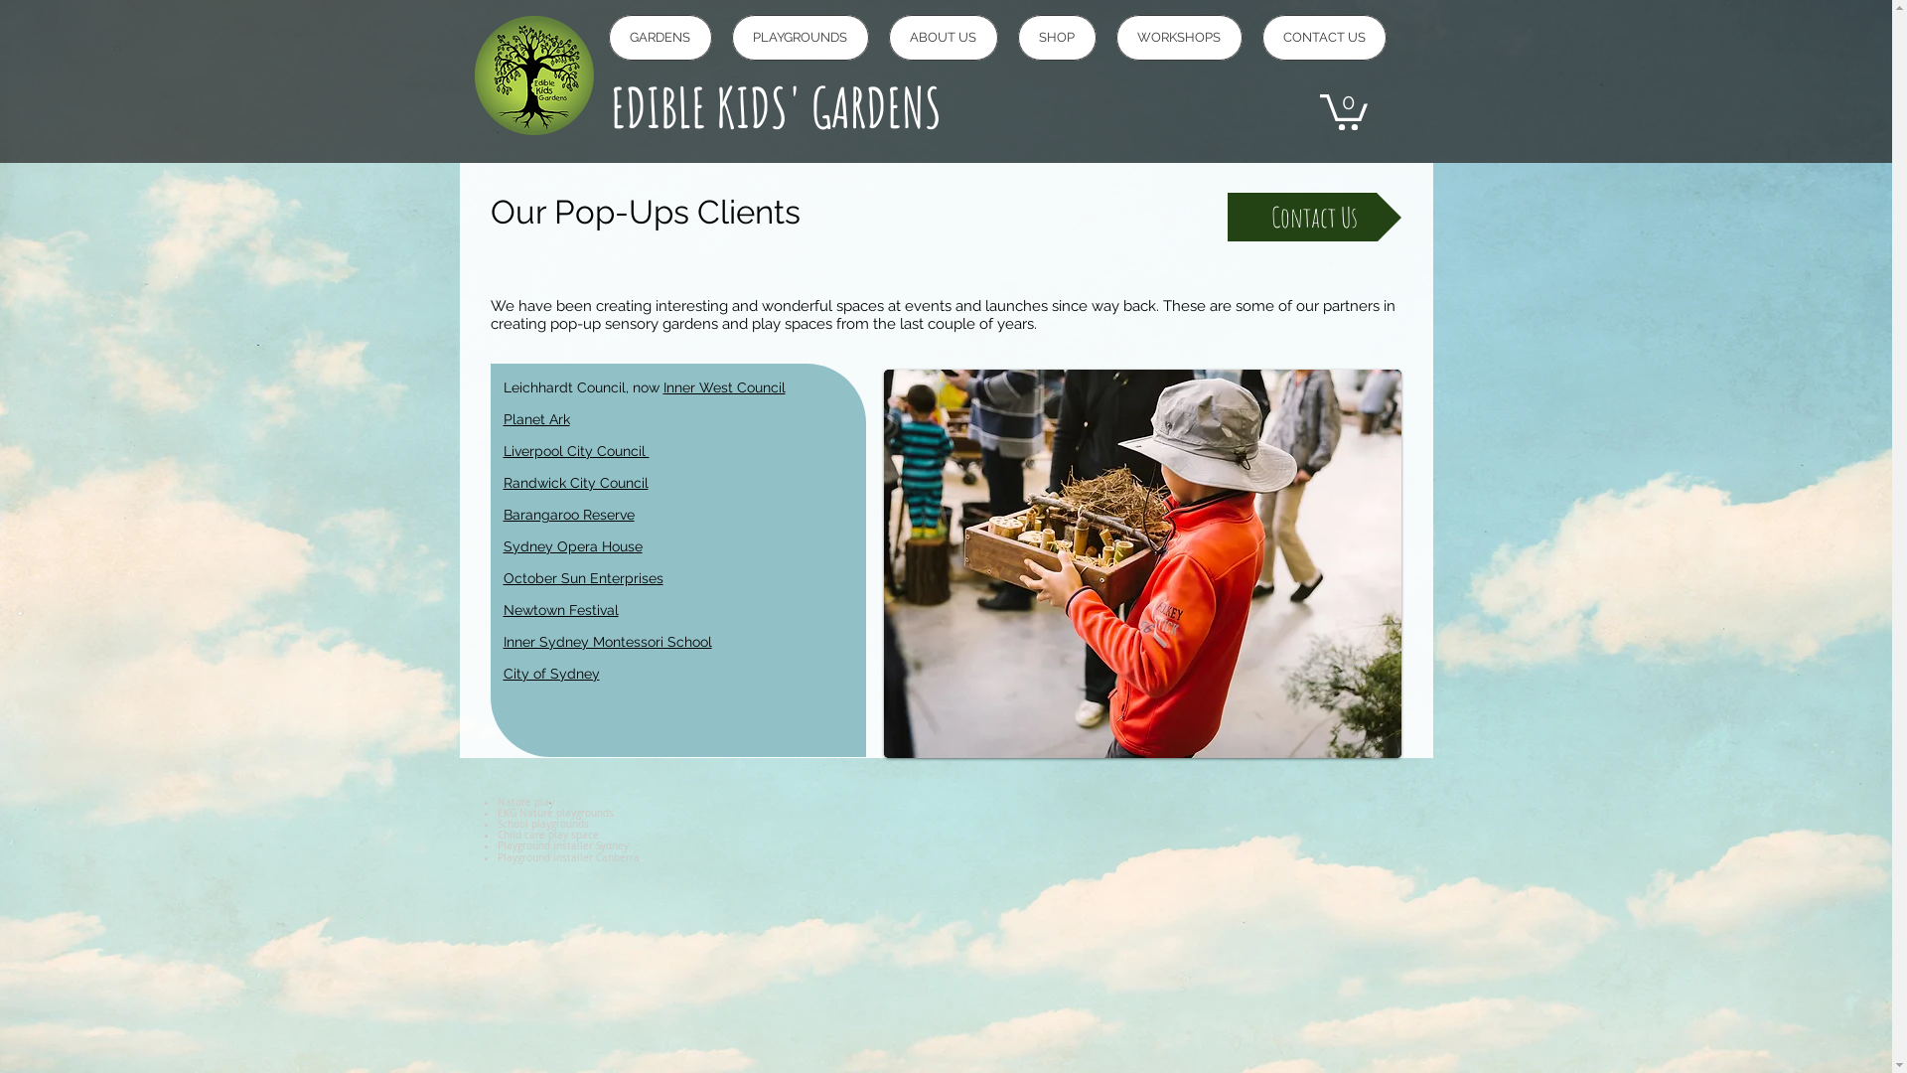  What do you see at coordinates (1323, 38) in the screenshot?
I see `'CONTACT US'` at bounding box center [1323, 38].